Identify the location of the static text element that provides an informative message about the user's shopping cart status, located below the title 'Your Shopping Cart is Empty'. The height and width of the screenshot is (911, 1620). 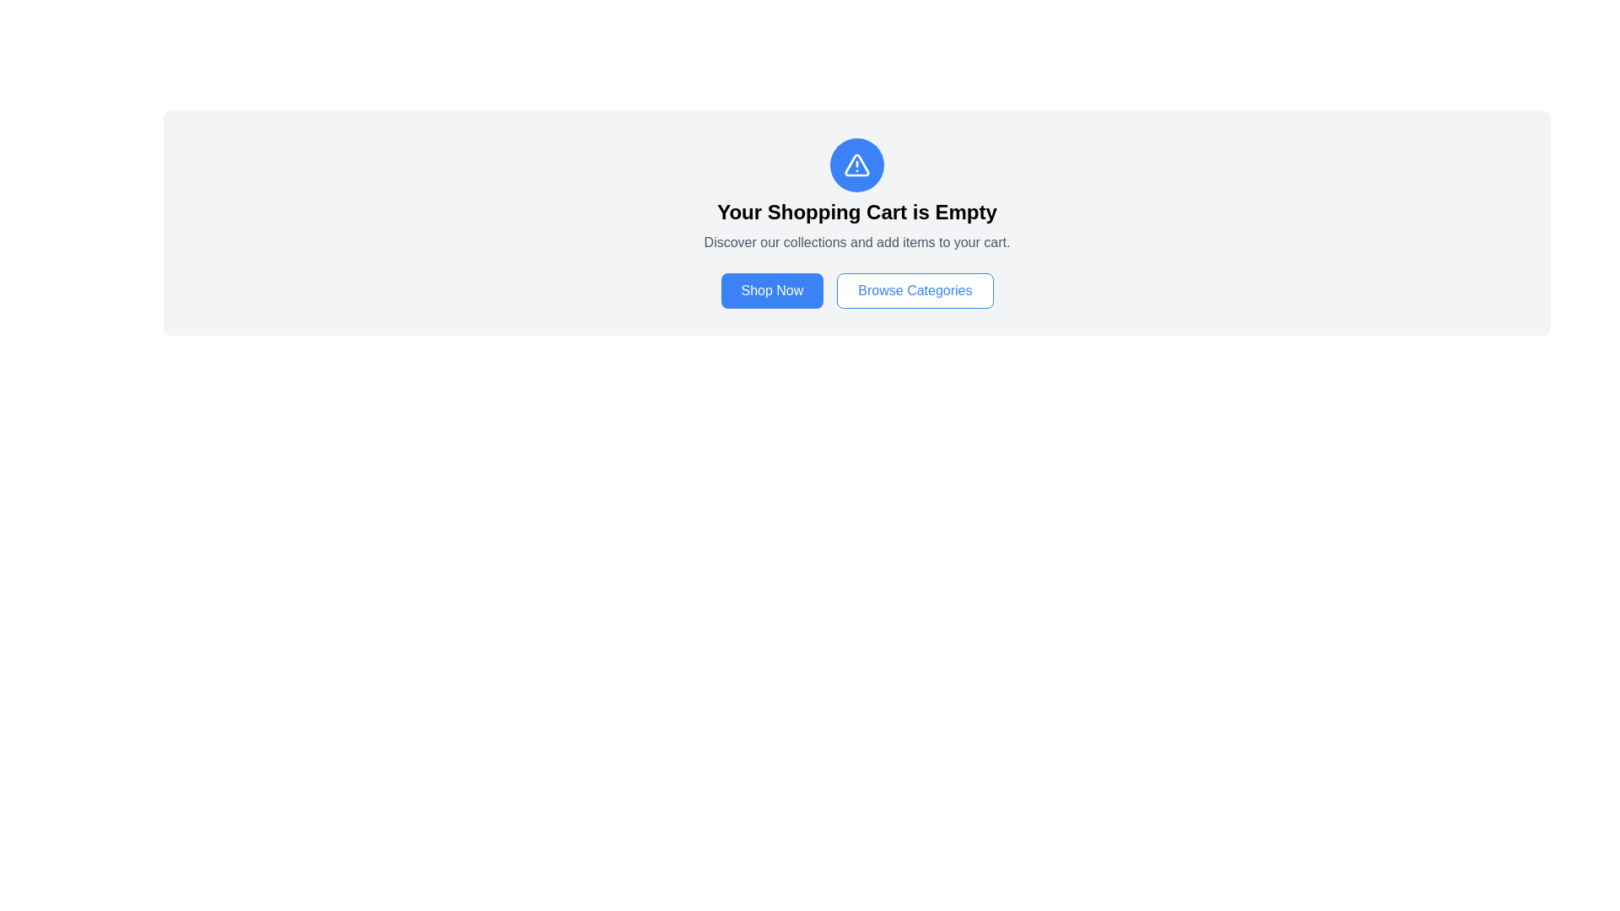
(857, 243).